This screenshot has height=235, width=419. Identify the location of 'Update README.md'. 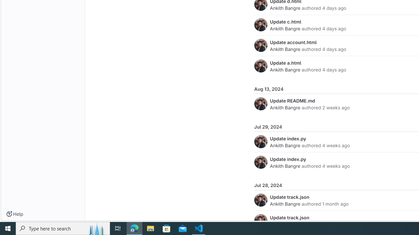
(292, 101).